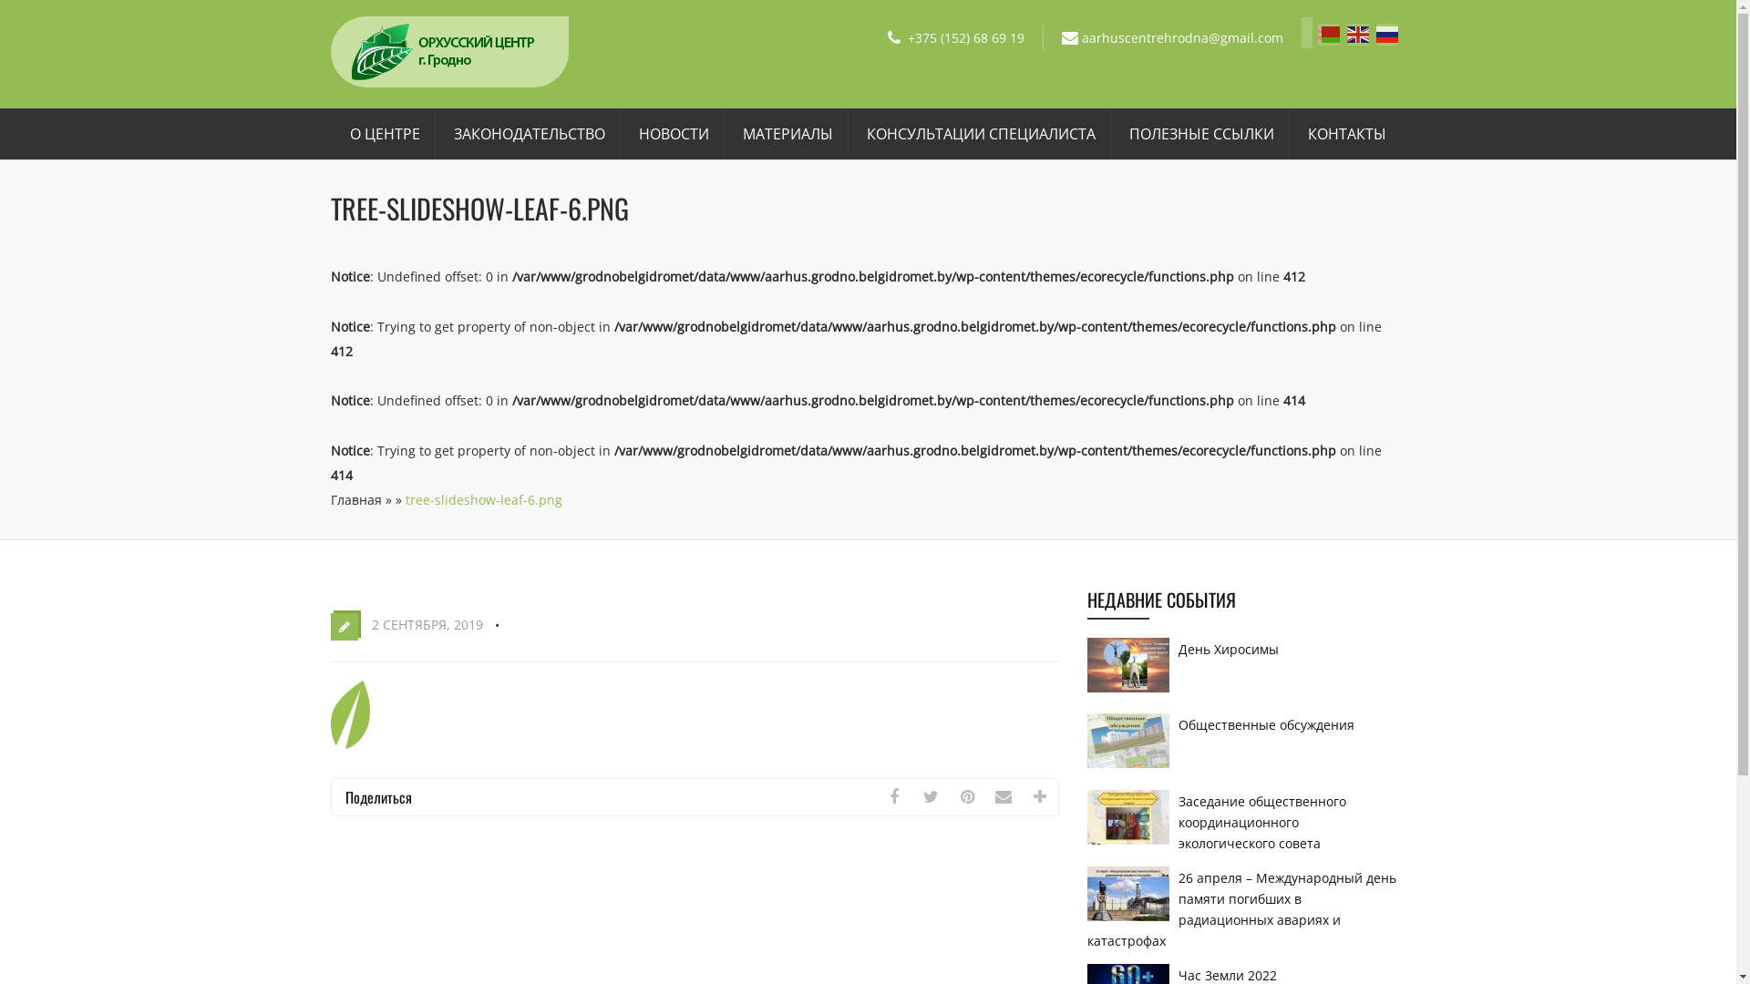  I want to click on 'Belarusian', so click(1317, 32).